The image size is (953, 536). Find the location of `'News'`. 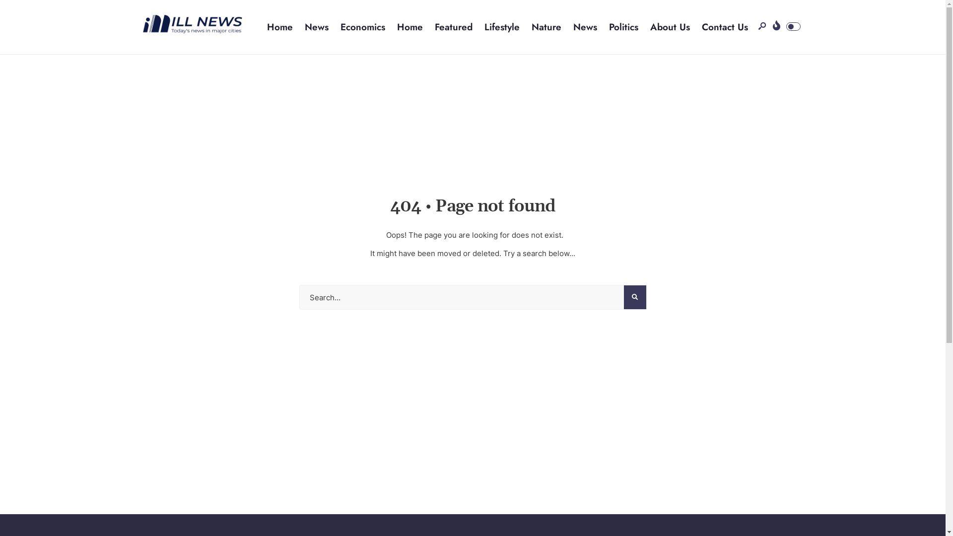

'News' is located at coordinates (304, 26).